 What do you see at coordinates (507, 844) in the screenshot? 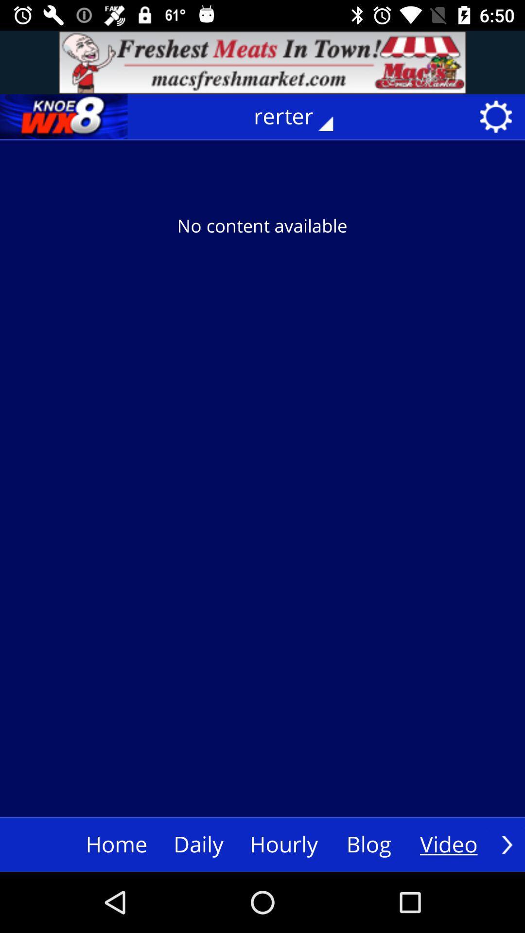
I see `the arrow_forward icon` at bounding box center [507, 844].